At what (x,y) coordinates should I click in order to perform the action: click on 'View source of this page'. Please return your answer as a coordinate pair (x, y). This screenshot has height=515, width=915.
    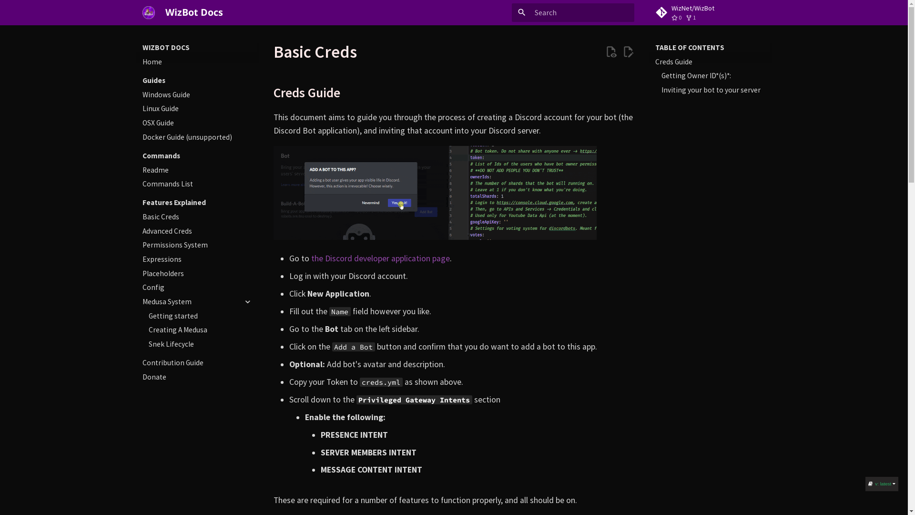
    Looking at the image, I should click on (604, 51).